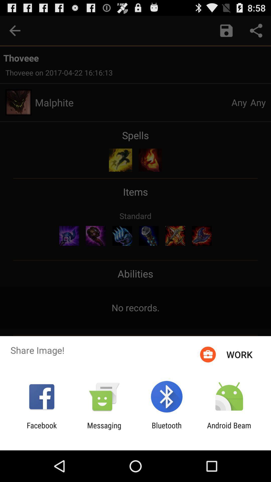 This screenshot has width=271, height=482. I want to click on the item to the left of messaging item, so click(41, 430).